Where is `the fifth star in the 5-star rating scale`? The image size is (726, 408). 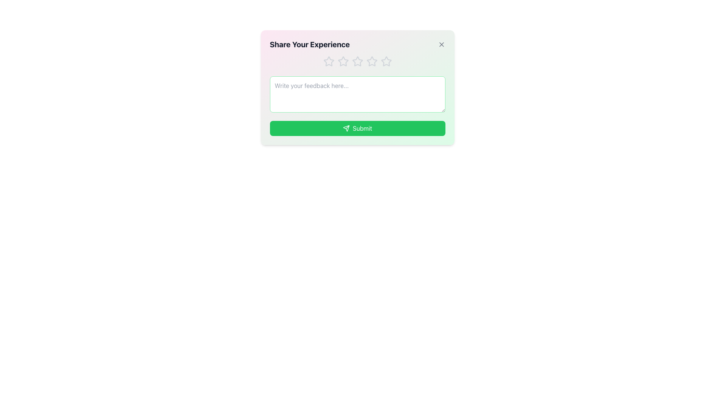
the fifth star in the 5-star rating scale is located at coordinates (386, 61).